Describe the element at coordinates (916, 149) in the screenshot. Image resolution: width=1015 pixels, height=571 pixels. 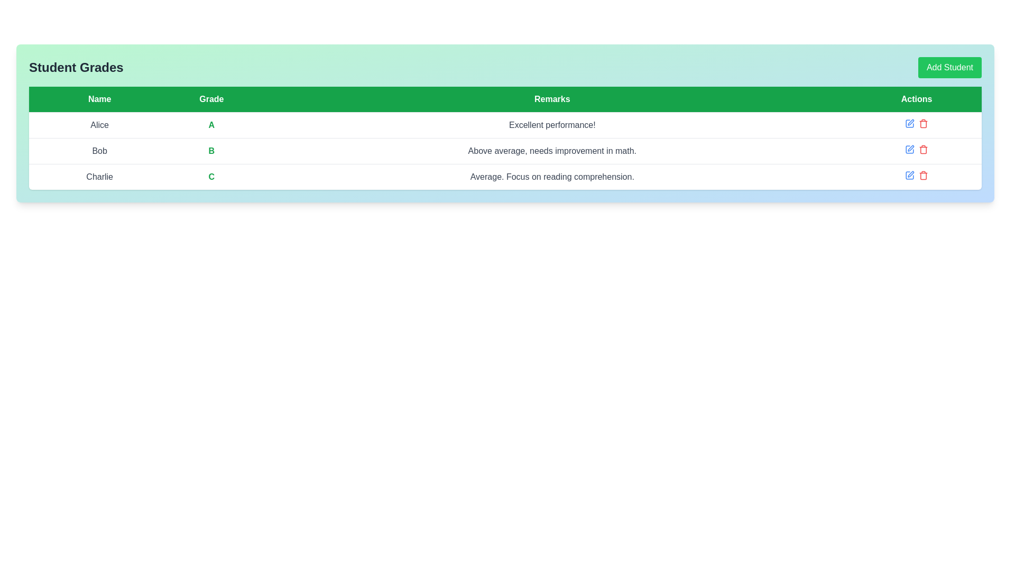
I see `the blue edit icon in the interactive icon group located in the 'Actions' column of Bob's row in the table` at that location.